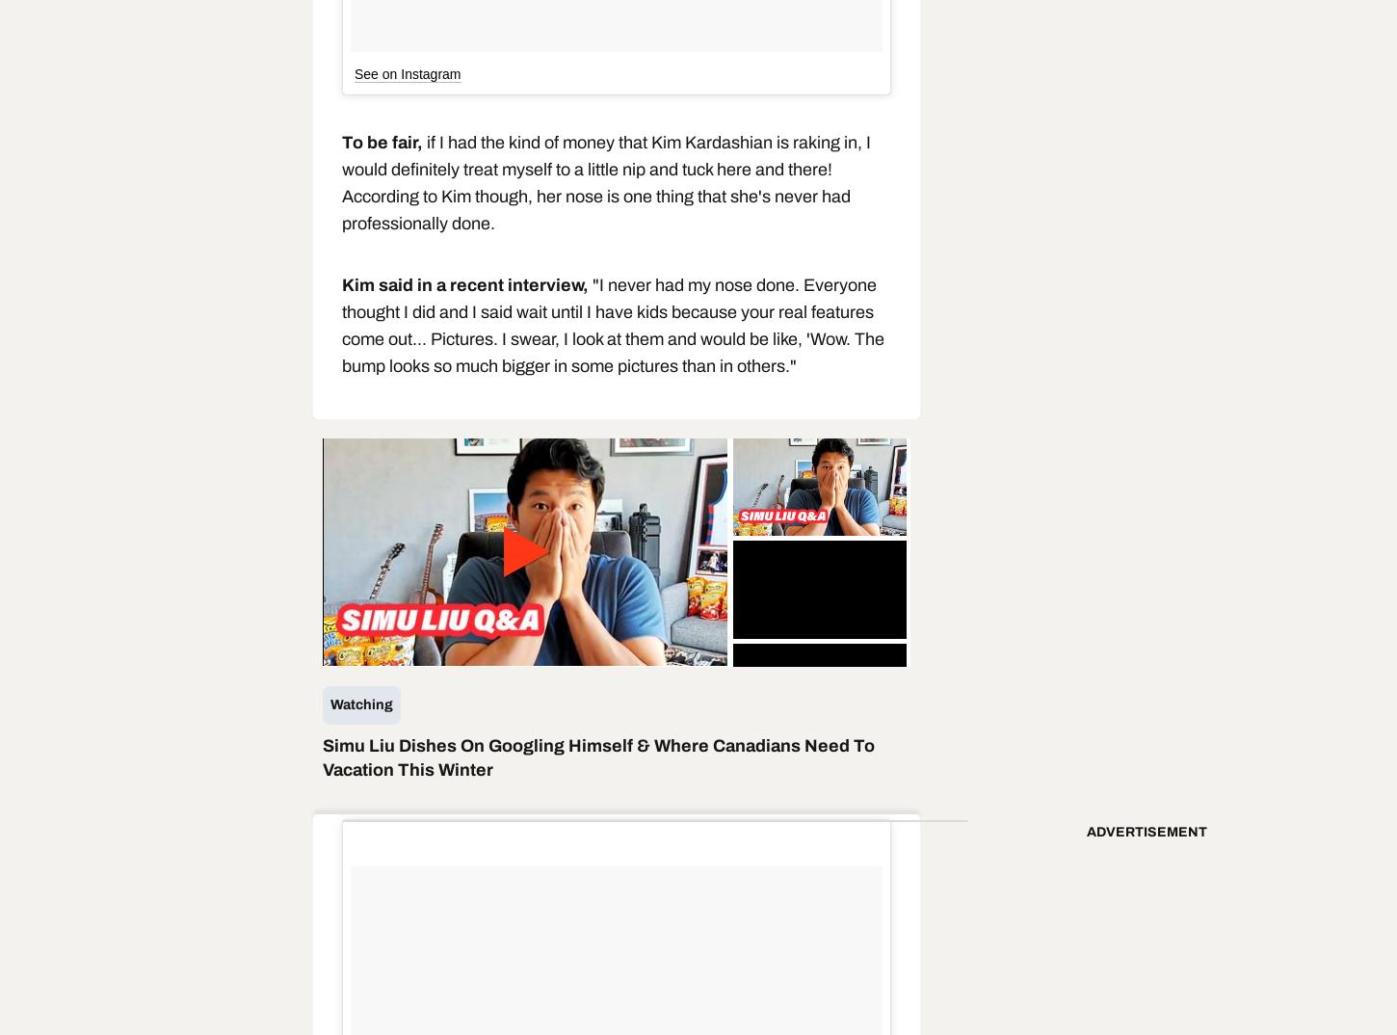 The height and width of the screenshot is (1035, 1397). I want to click on '/', so click(438, 650).